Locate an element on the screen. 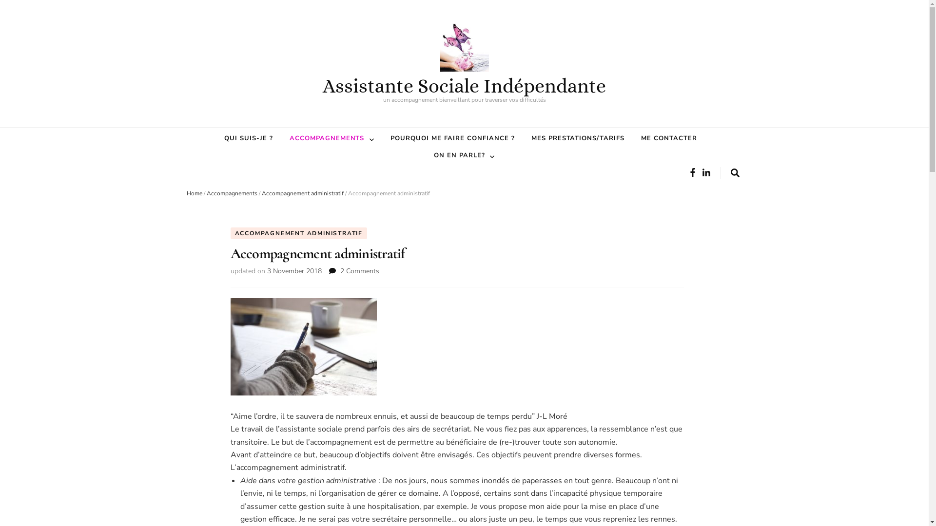 Image resolution: width=936 pixels, height=526 pixels. 'Home' is located at coordinates (194, 193).